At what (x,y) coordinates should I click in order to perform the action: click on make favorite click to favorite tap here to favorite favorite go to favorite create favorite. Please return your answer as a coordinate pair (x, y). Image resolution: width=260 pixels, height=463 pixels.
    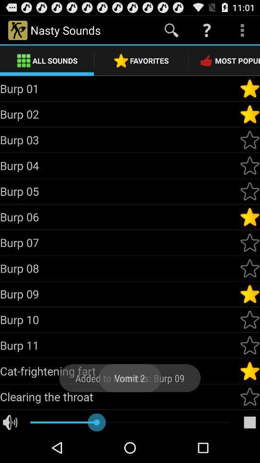
    Looking at the image, I should click on (249, 114).